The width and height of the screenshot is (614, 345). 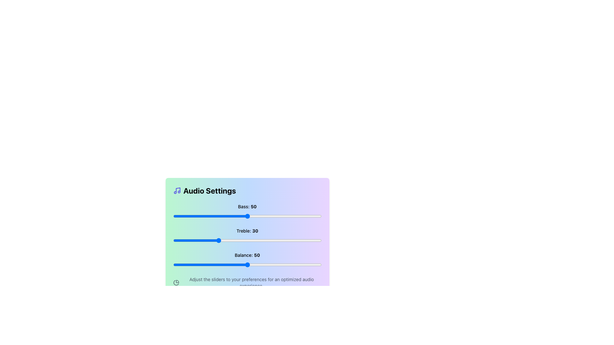 What do you see at coordinates (247, 236) in the screenshot?
I see `the horizontal slider marked with 'Treble: 30'` at bounding box center [247, 236].